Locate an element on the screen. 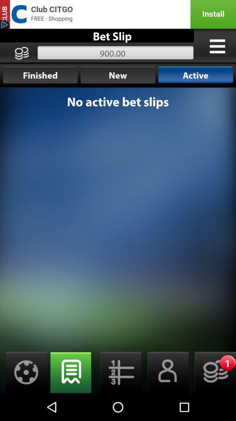  profile is located at coordinates (165, 372).